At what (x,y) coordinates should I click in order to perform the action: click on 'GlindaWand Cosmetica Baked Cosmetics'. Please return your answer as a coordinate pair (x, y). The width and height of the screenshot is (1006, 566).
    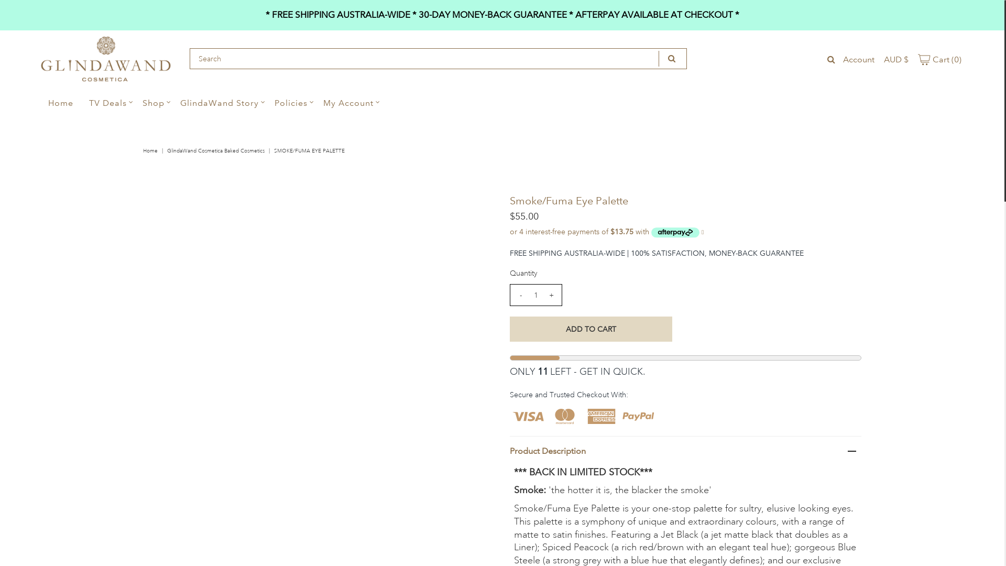
    Looking at the image, I should click on (166, 151).